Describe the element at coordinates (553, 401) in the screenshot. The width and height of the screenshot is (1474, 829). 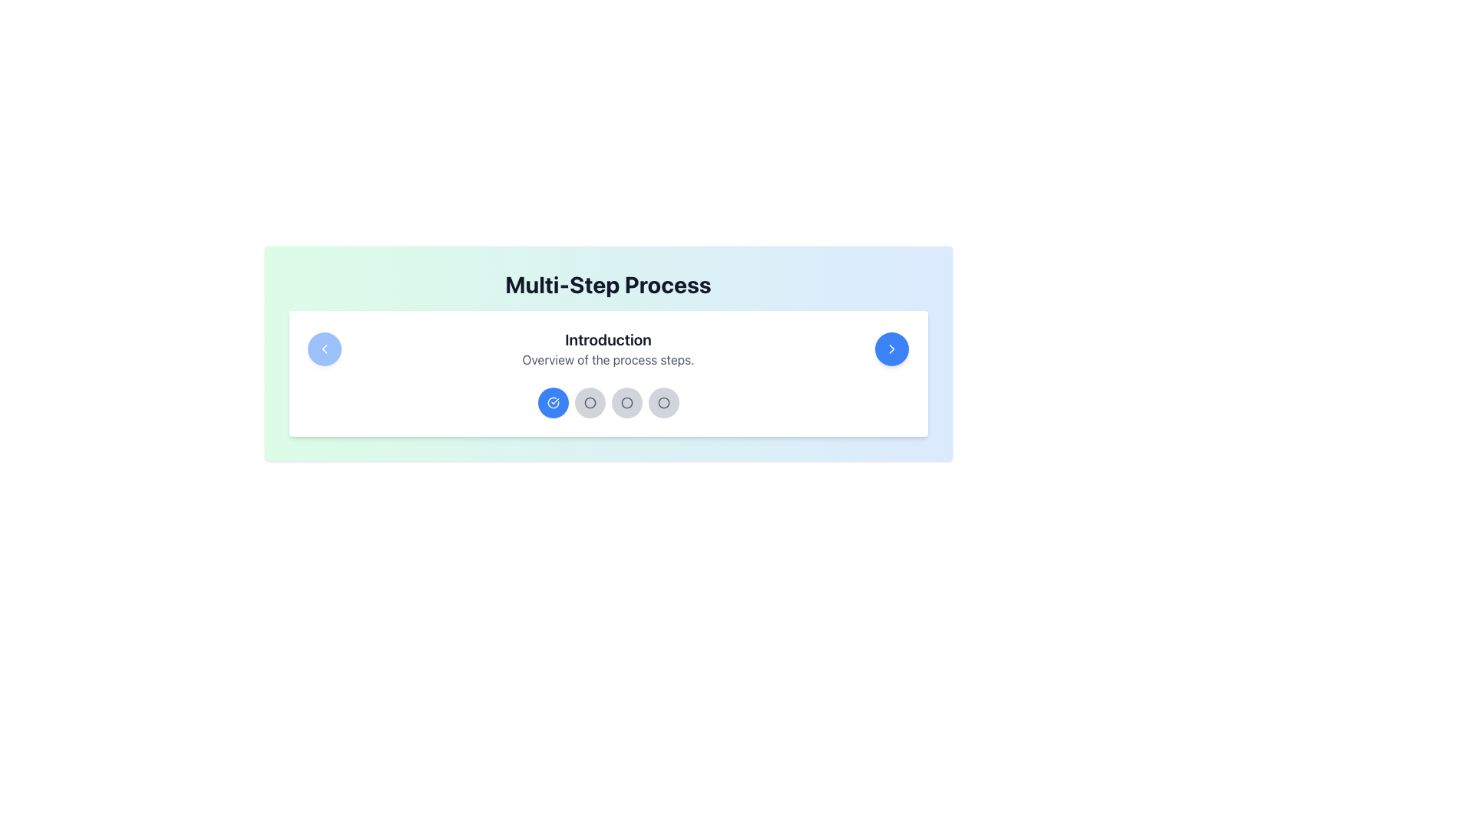
I see `the first circular step indicator in the sequence` at that location.